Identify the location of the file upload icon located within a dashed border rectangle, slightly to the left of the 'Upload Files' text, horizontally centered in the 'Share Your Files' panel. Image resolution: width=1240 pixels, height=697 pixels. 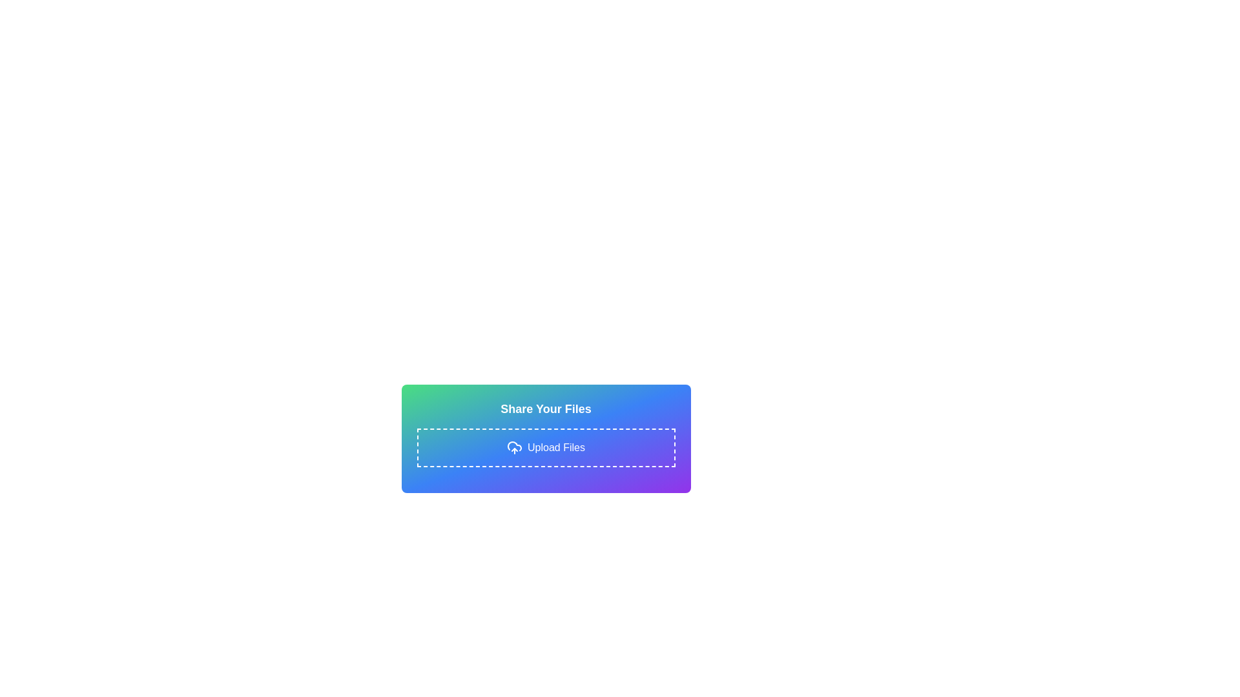
(513, 447).